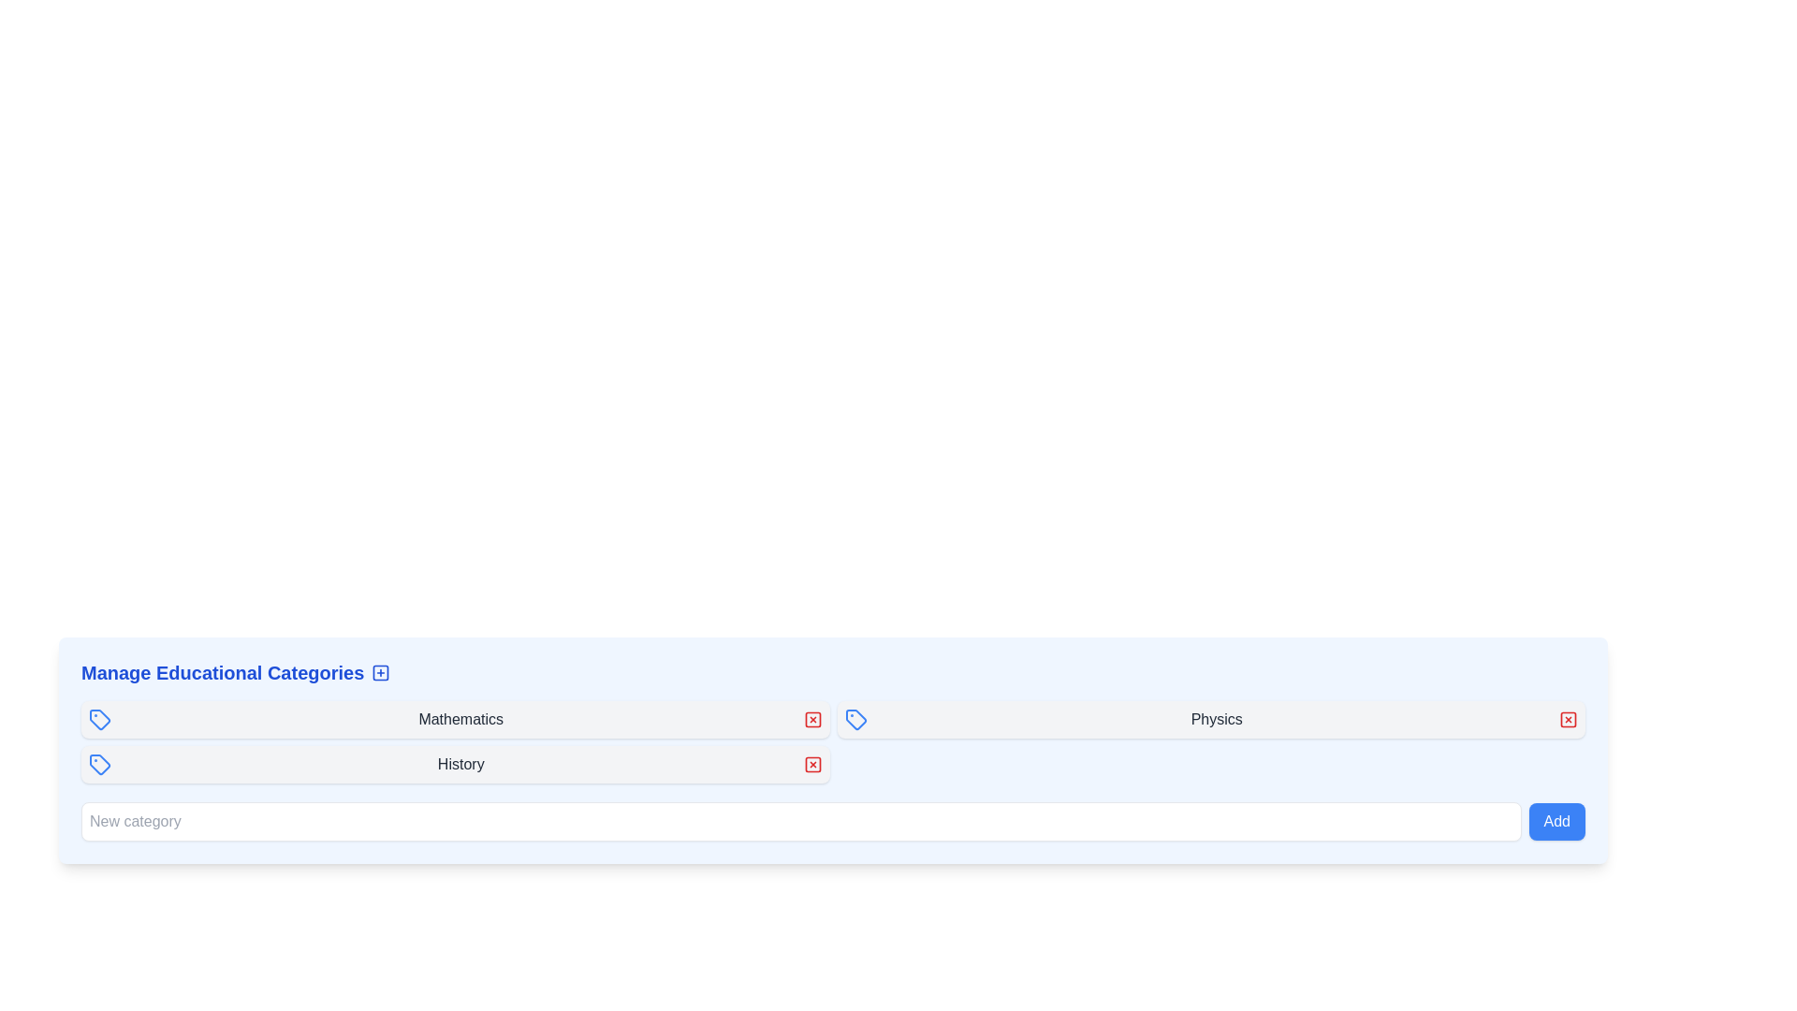 This screenshot has height=1011, width=1797. What do you see at coordinates (1568, 718) in the screenshot?
I see `the small rectangular decorative element with rounded corners, styled with a red fill, which is part of the delete button in the 'Physics' category row` at bounding box center [1568, 718].